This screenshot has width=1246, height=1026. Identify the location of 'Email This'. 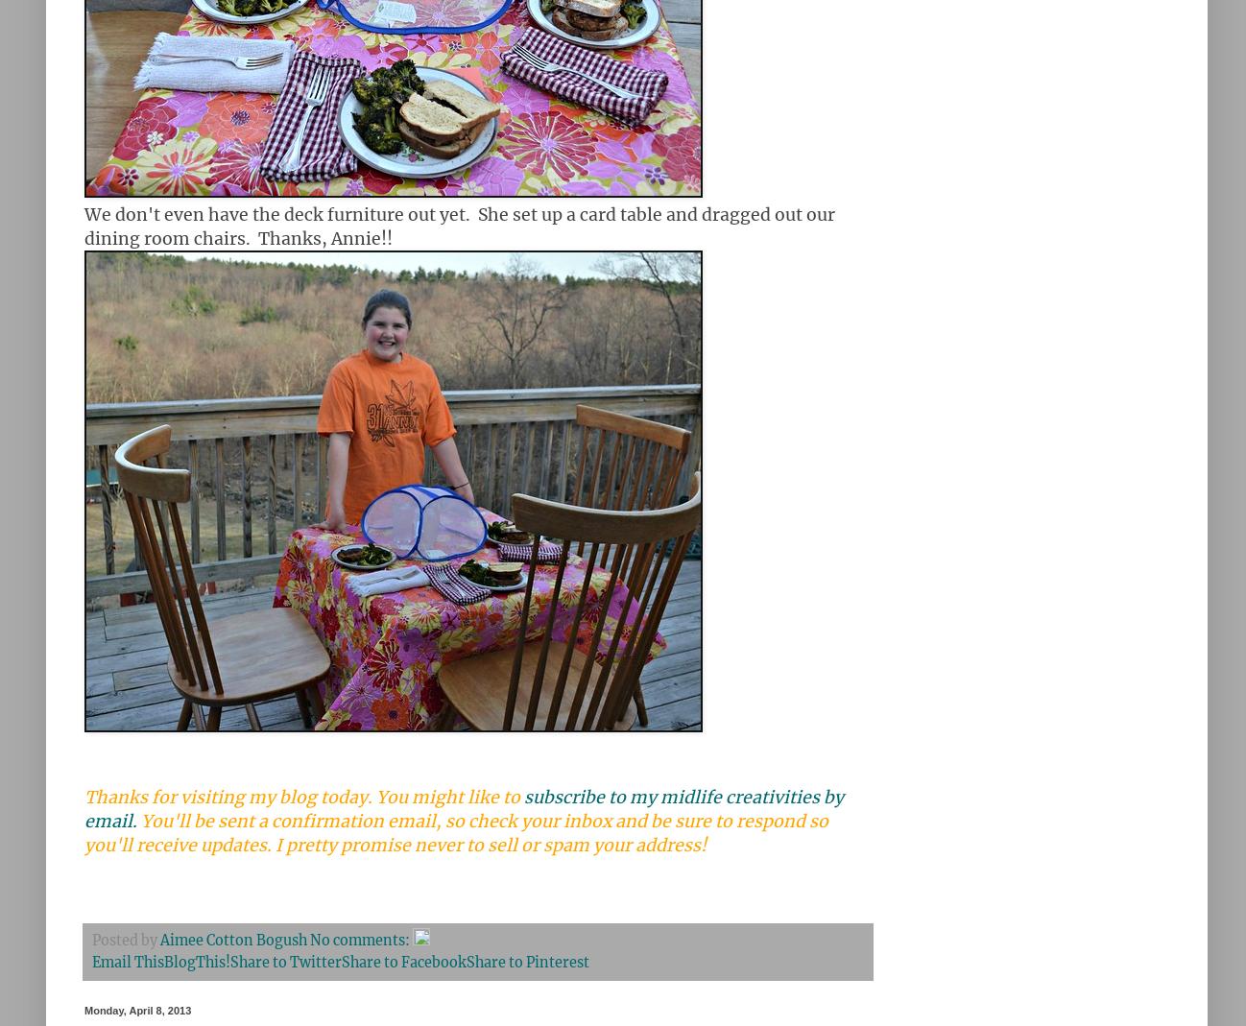
(127, 963).